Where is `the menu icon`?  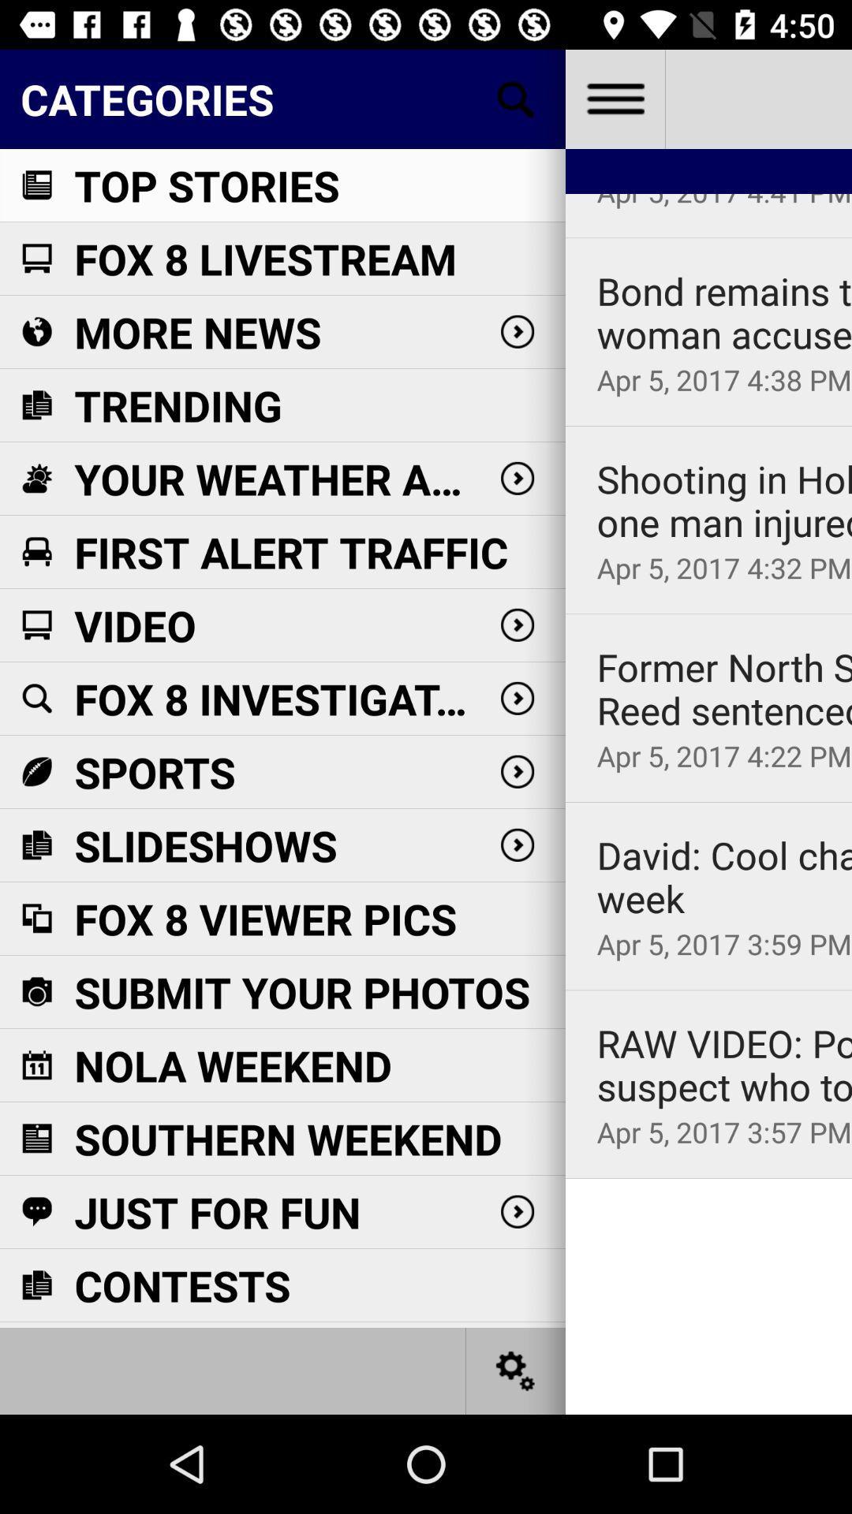
the menu icon is located at coordinates (614, 98).